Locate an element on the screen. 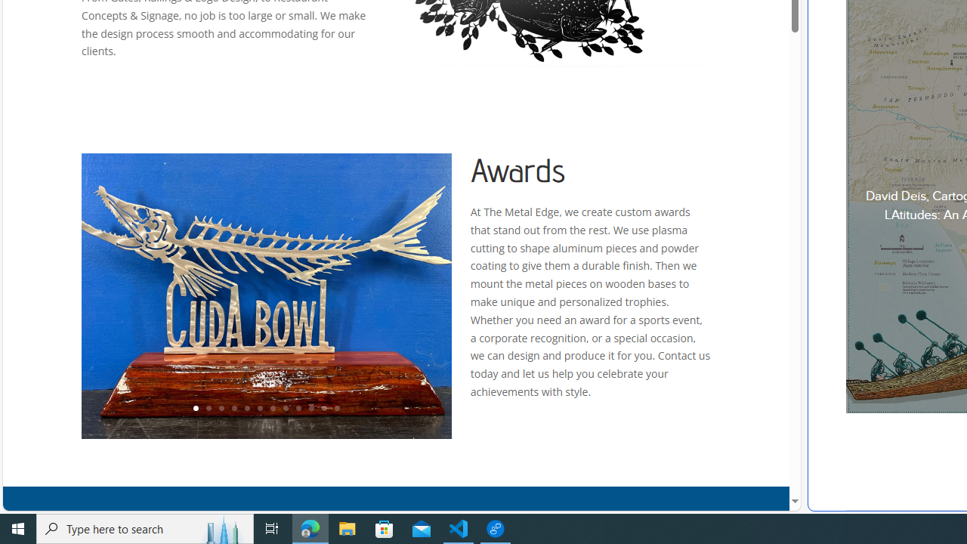 This screenshot has height=544, width=967. '7' is located at coordinates (272, 409).